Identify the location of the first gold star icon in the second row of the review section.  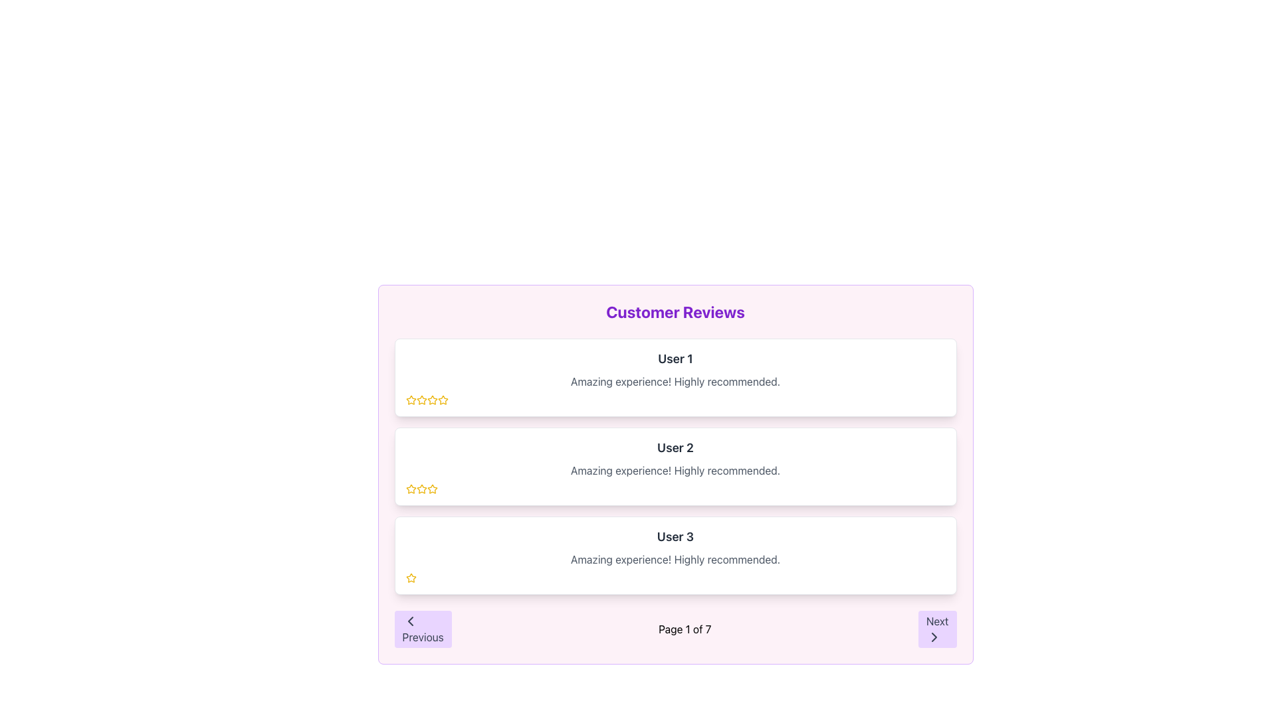
(410, 489).